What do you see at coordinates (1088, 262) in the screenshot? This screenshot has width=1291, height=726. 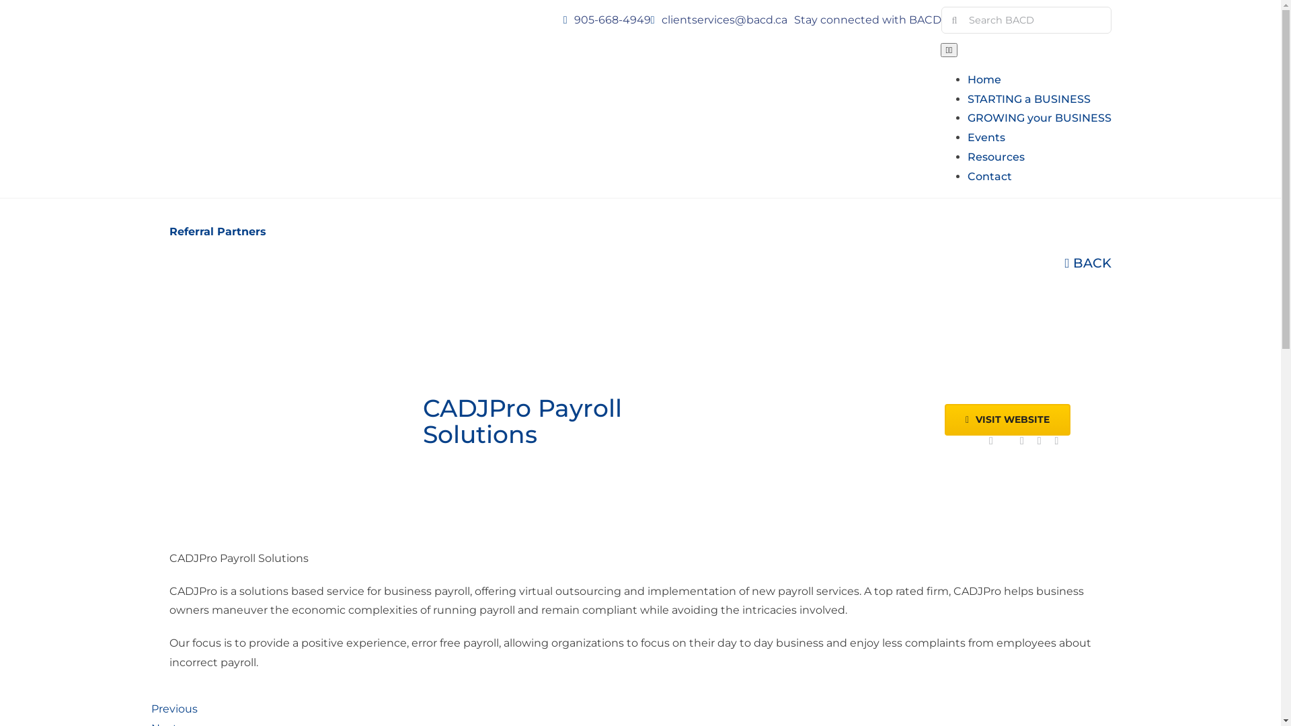 I see `'BACK'` at bounding box center [1088, 262].